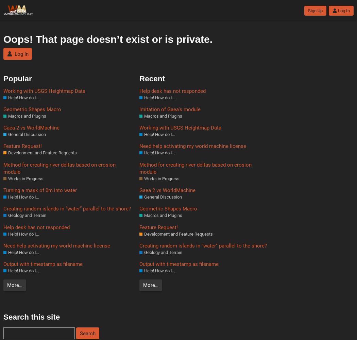 This screenshot has height=340, width=357. I want to click on 'Creating random islands in “water” parallel to the shore?', so click(67, 208).